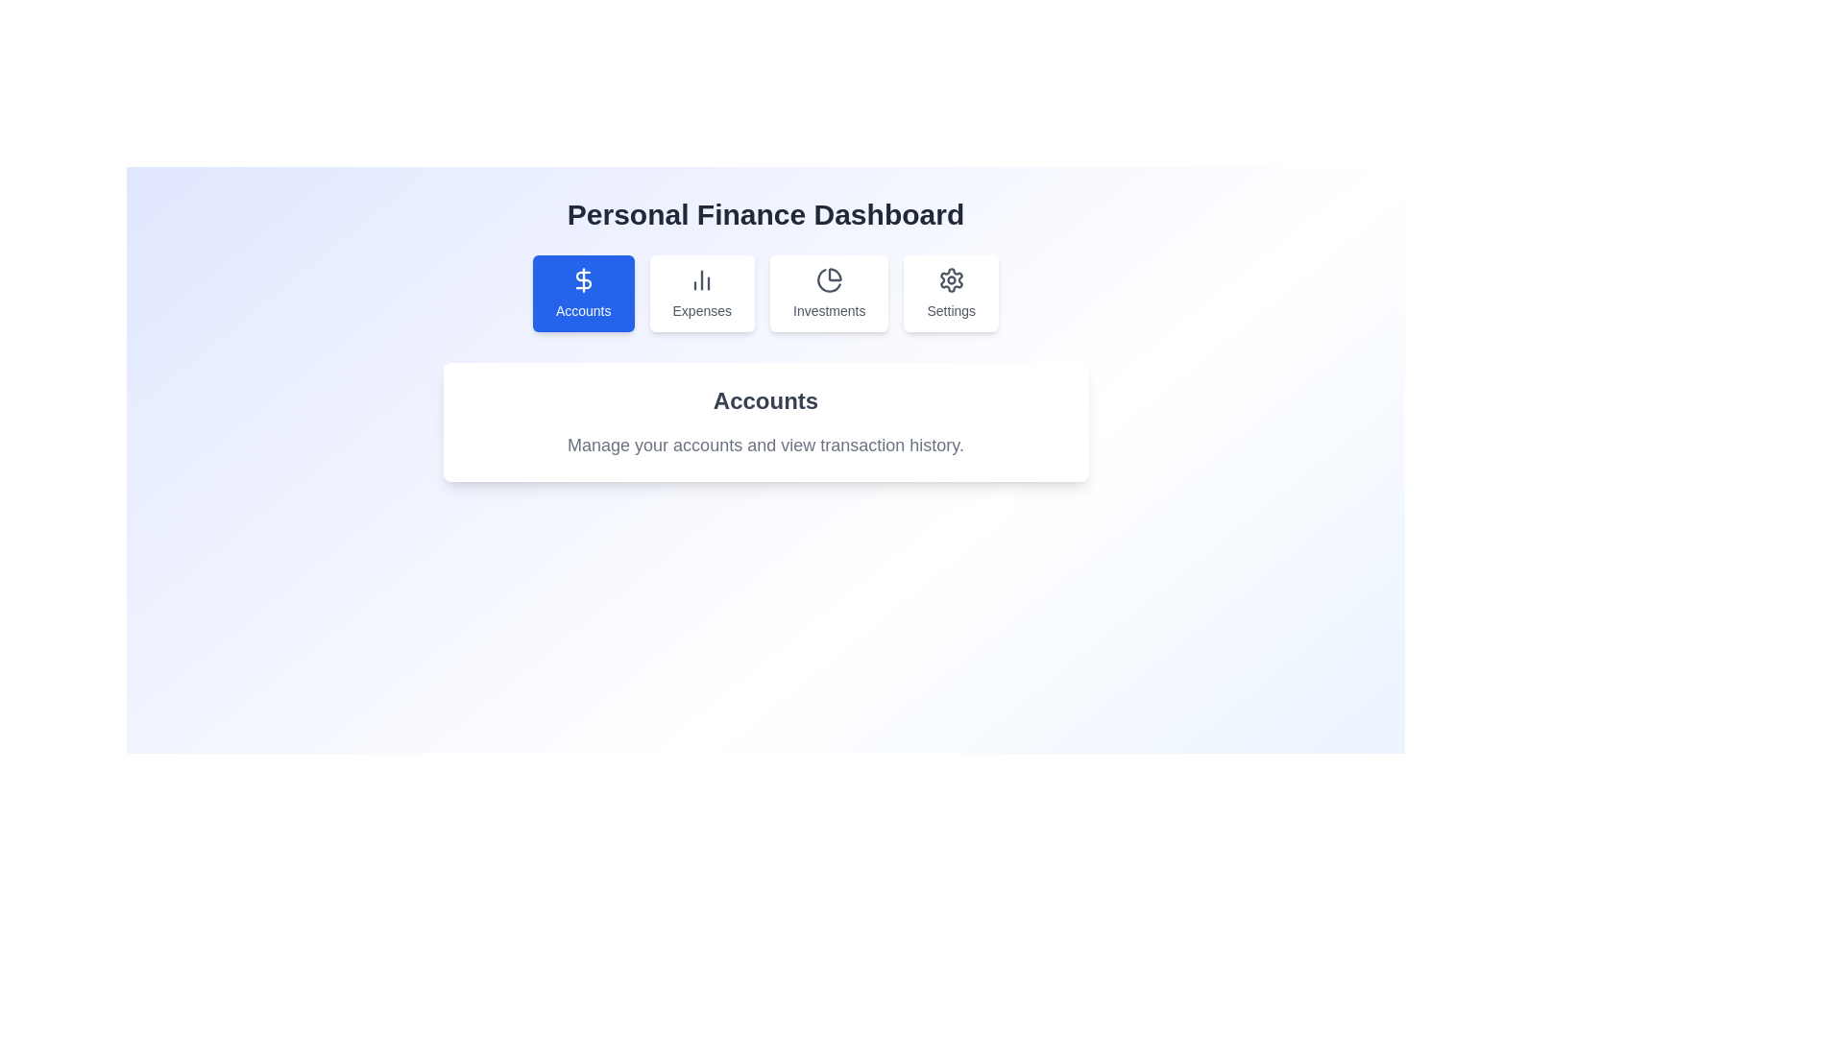  Describe the element at coordinates (582, 310) in the screenshot. I see `the Text label that provides information about the 'Accounts' button, which is positioned at the center-bottom of the blue button` at that location.